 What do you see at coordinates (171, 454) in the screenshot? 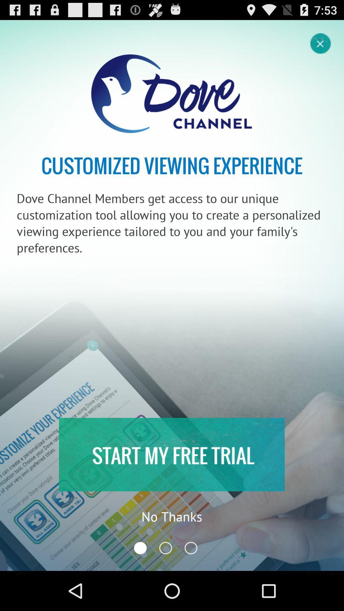
I see `start your free trial` at bounding box center [171, 454].